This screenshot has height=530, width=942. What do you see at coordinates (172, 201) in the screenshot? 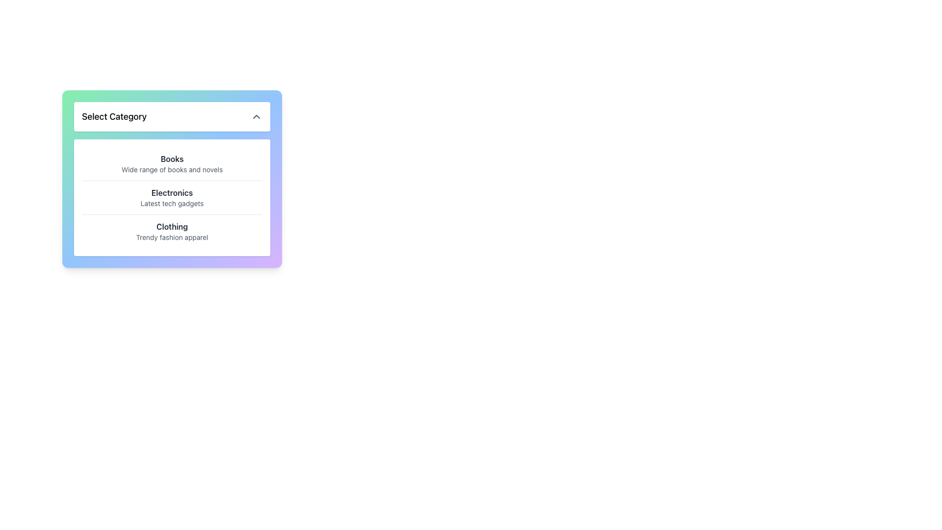
I see `text contained within the rectangular panel titled 'Select Category', which includes various categories with bold titles and captions` at bounding box center [172, 201].